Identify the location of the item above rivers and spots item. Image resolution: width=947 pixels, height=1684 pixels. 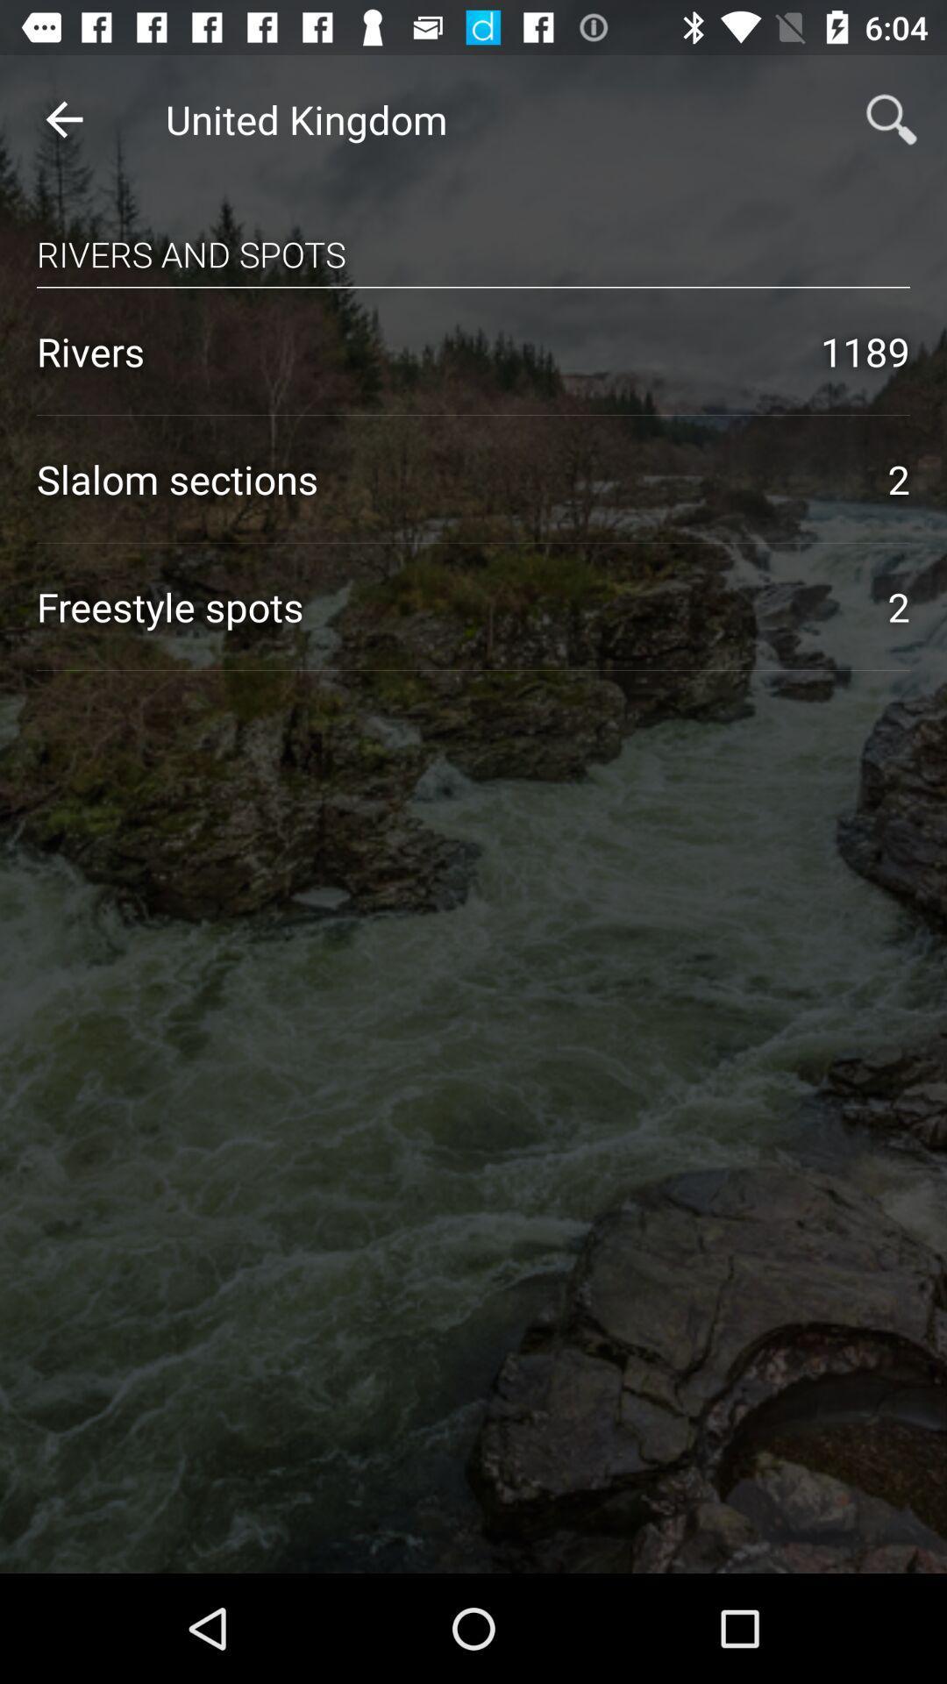
(63, 118).